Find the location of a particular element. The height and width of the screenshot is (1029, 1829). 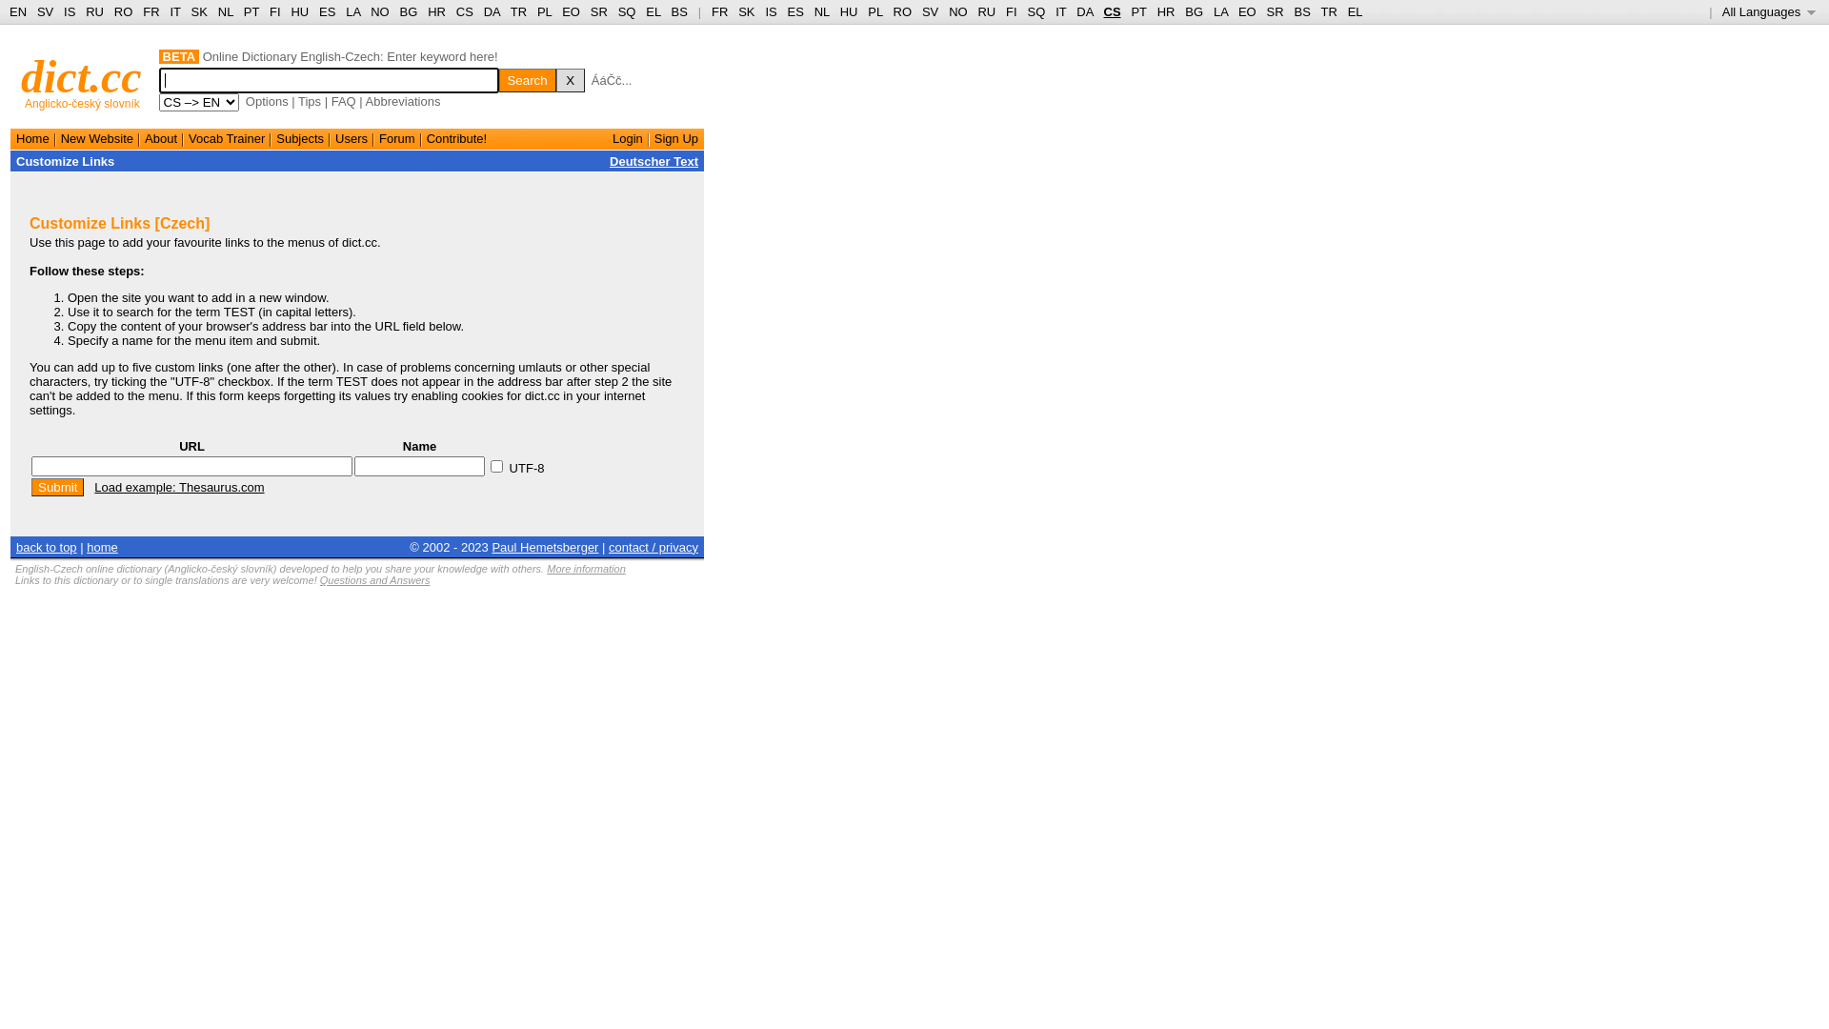

'SR' is located at coordinates (597, 11).